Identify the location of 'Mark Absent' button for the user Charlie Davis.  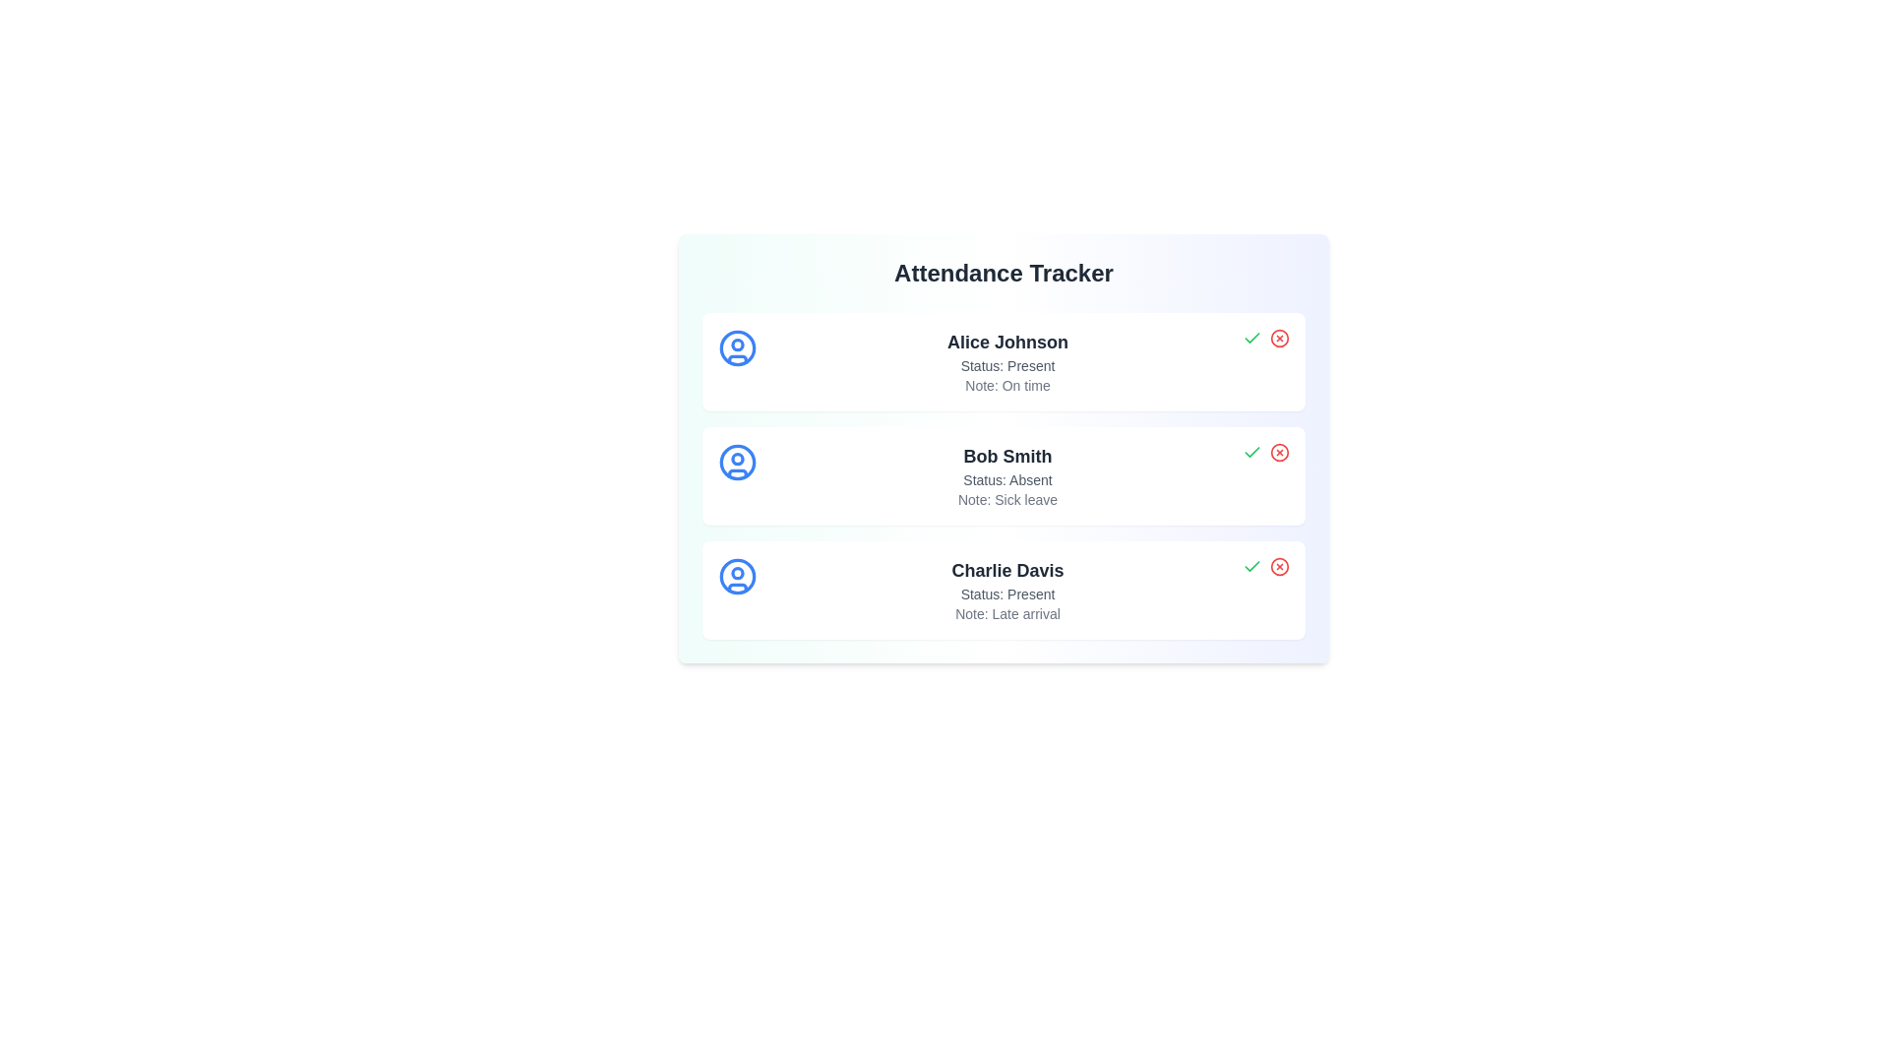
(1279, 566).